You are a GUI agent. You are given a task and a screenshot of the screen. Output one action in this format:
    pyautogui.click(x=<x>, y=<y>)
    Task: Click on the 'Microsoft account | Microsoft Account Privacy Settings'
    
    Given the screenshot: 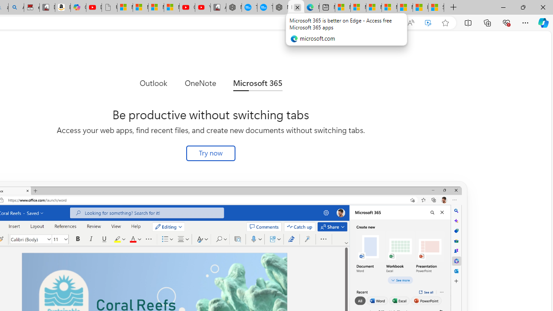 What is the action you would take?
    pyautogui.click(x=358, y=7)
    